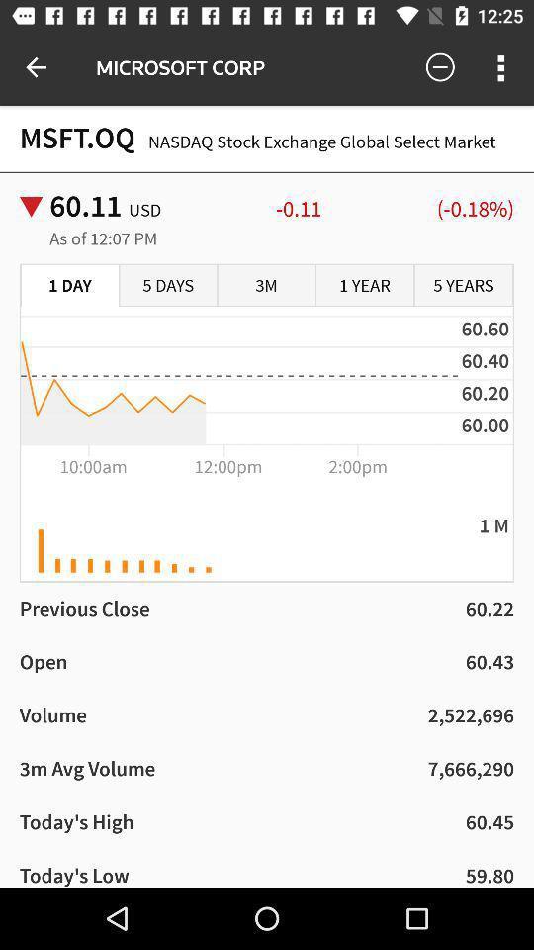  What do you see at coordinates (69, 285) in the screenshot?
I see `the 1 day item` at bounding box center [69, 285].